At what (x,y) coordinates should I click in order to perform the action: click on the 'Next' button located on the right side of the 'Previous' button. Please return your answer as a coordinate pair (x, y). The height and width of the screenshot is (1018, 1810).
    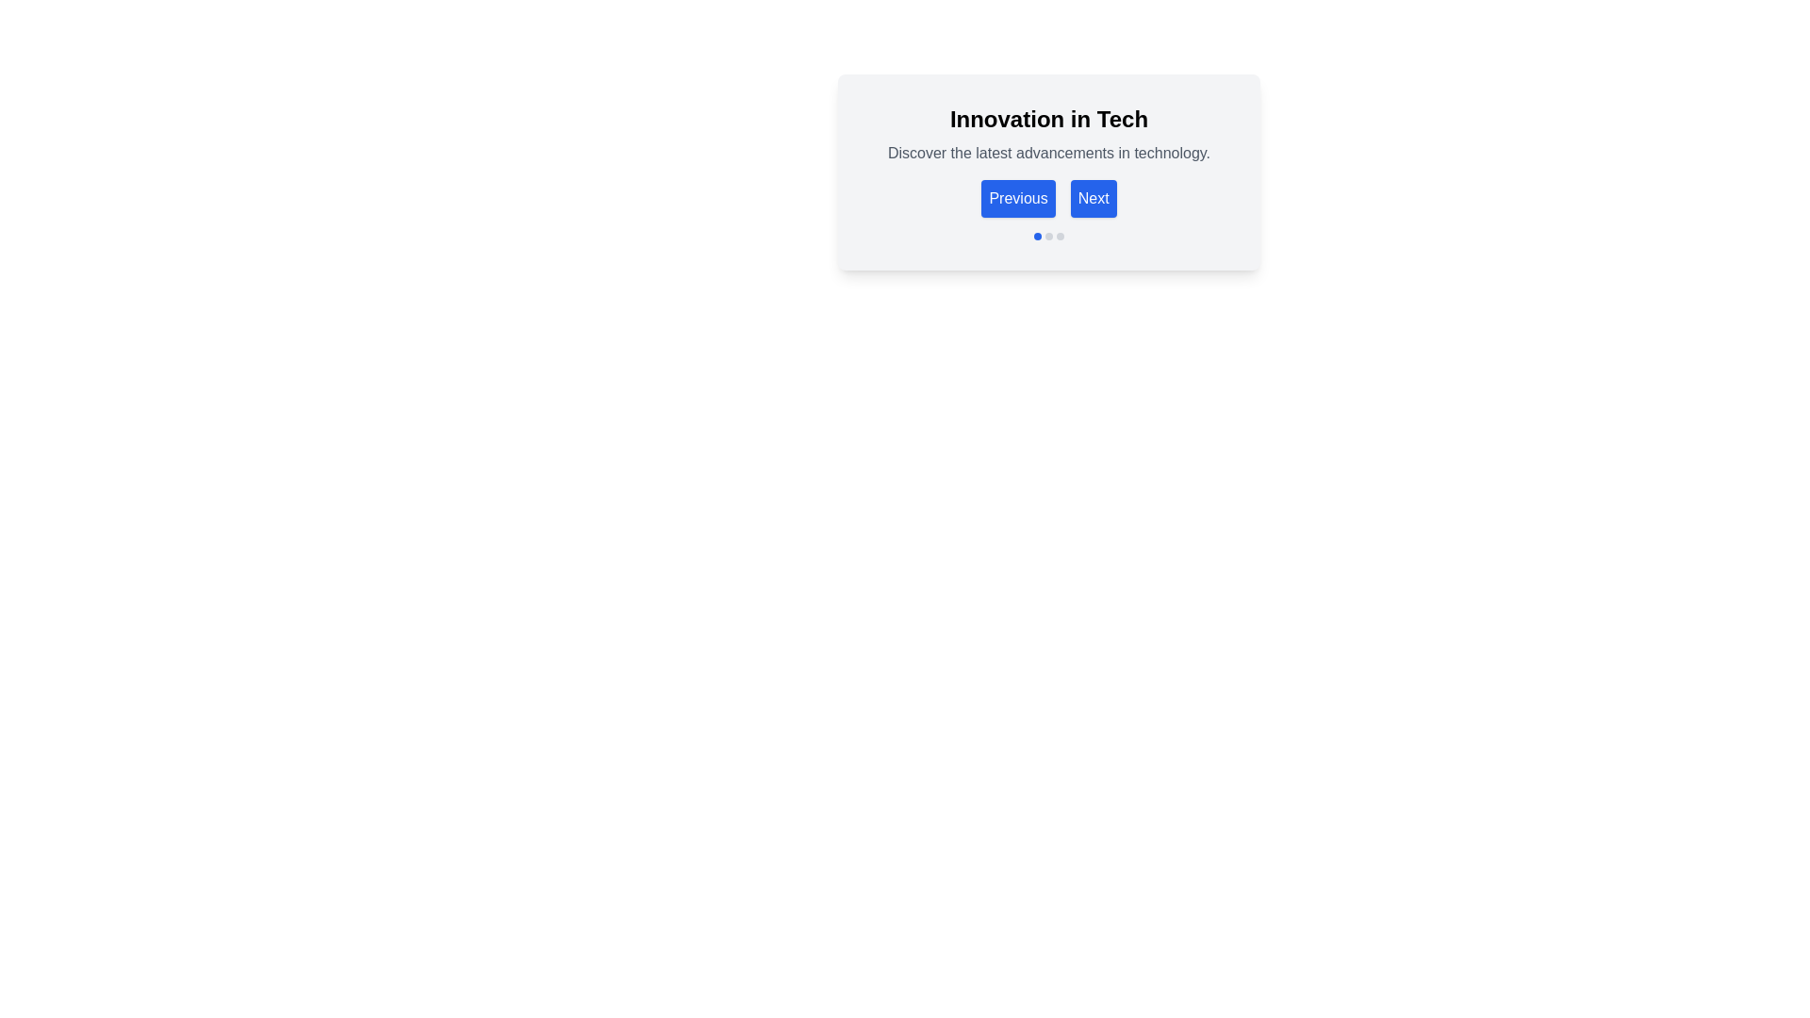
    Looking at the image, I should click on (1094, 199).